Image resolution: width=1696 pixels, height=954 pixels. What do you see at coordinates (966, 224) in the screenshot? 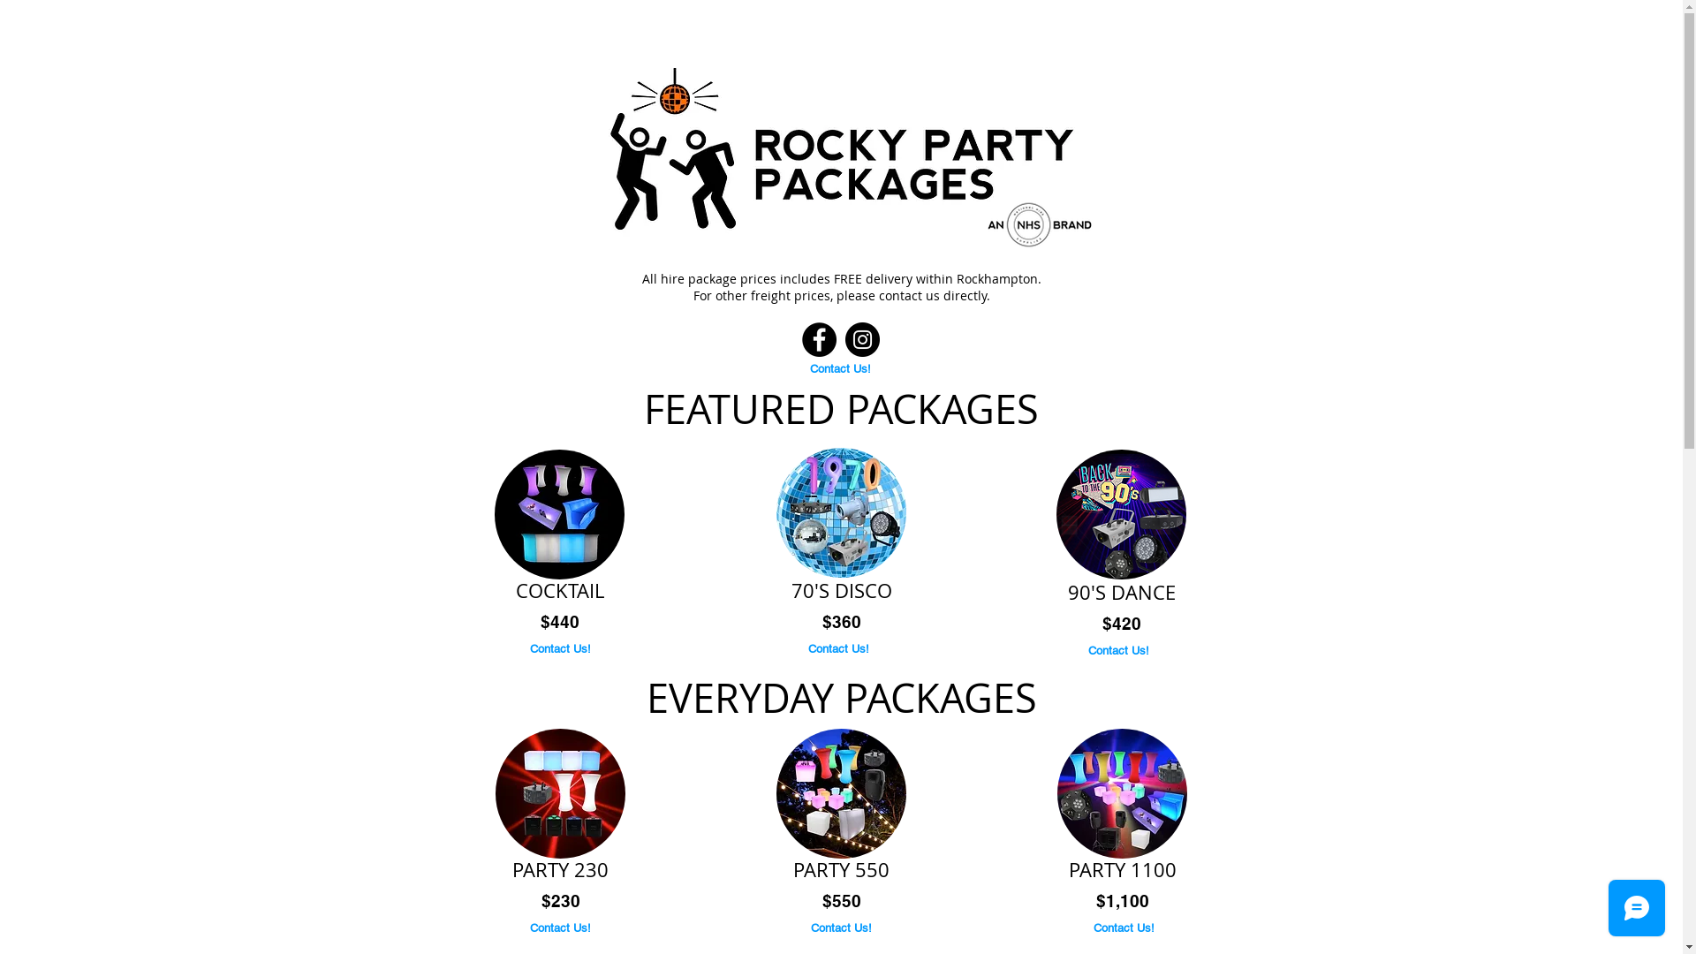
I see `'AN NHS BRAND .png'` at bounding box center [966, 224].